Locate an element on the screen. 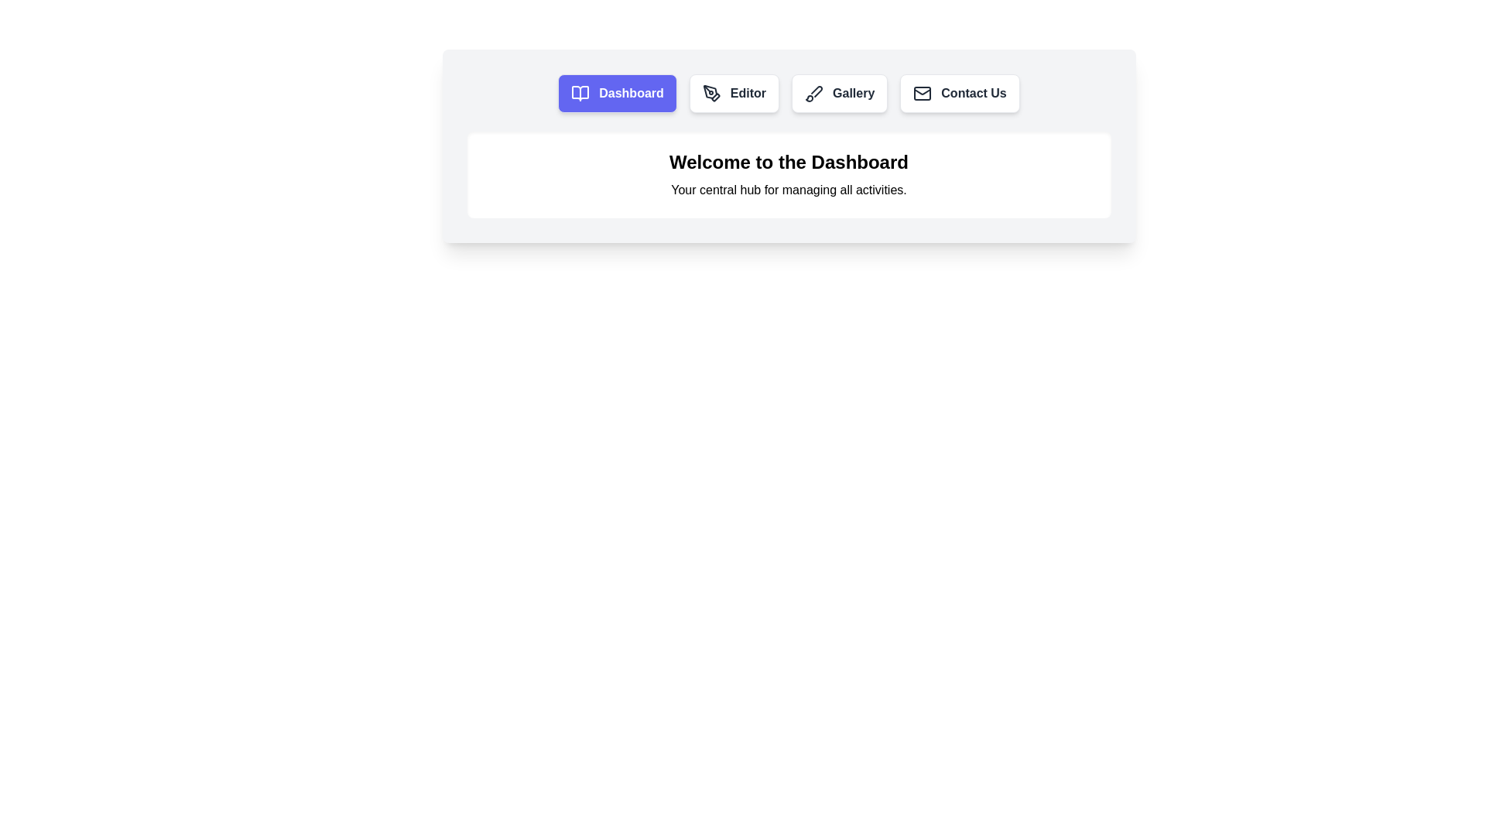 This screenshot has height=836, width=1486. 'Dashboard' text label within the purple button to understand its function is located at coordinates (632, 93).